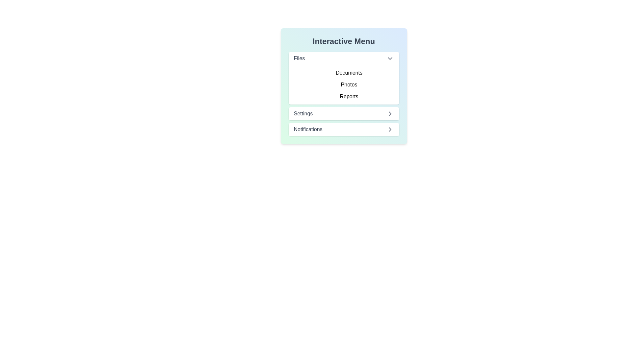  What do you see at coordinates (343, 58) in the screenshot?
I see `the first option in the dropdown menu for 'Files'` at bounding box center [343, 58].